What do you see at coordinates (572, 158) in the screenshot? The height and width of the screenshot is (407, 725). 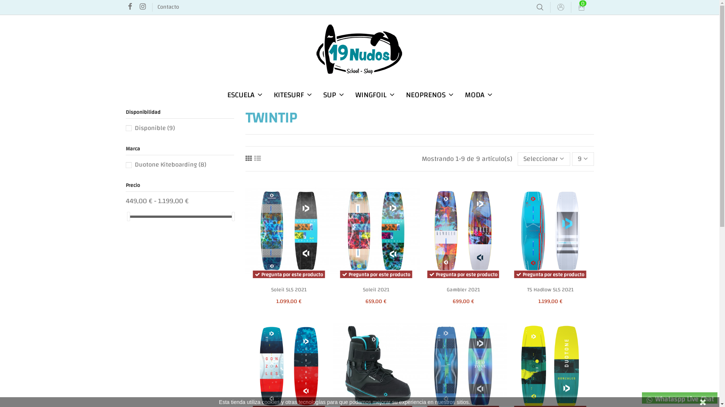 I see `'9'` at bounding box center [572, 158].